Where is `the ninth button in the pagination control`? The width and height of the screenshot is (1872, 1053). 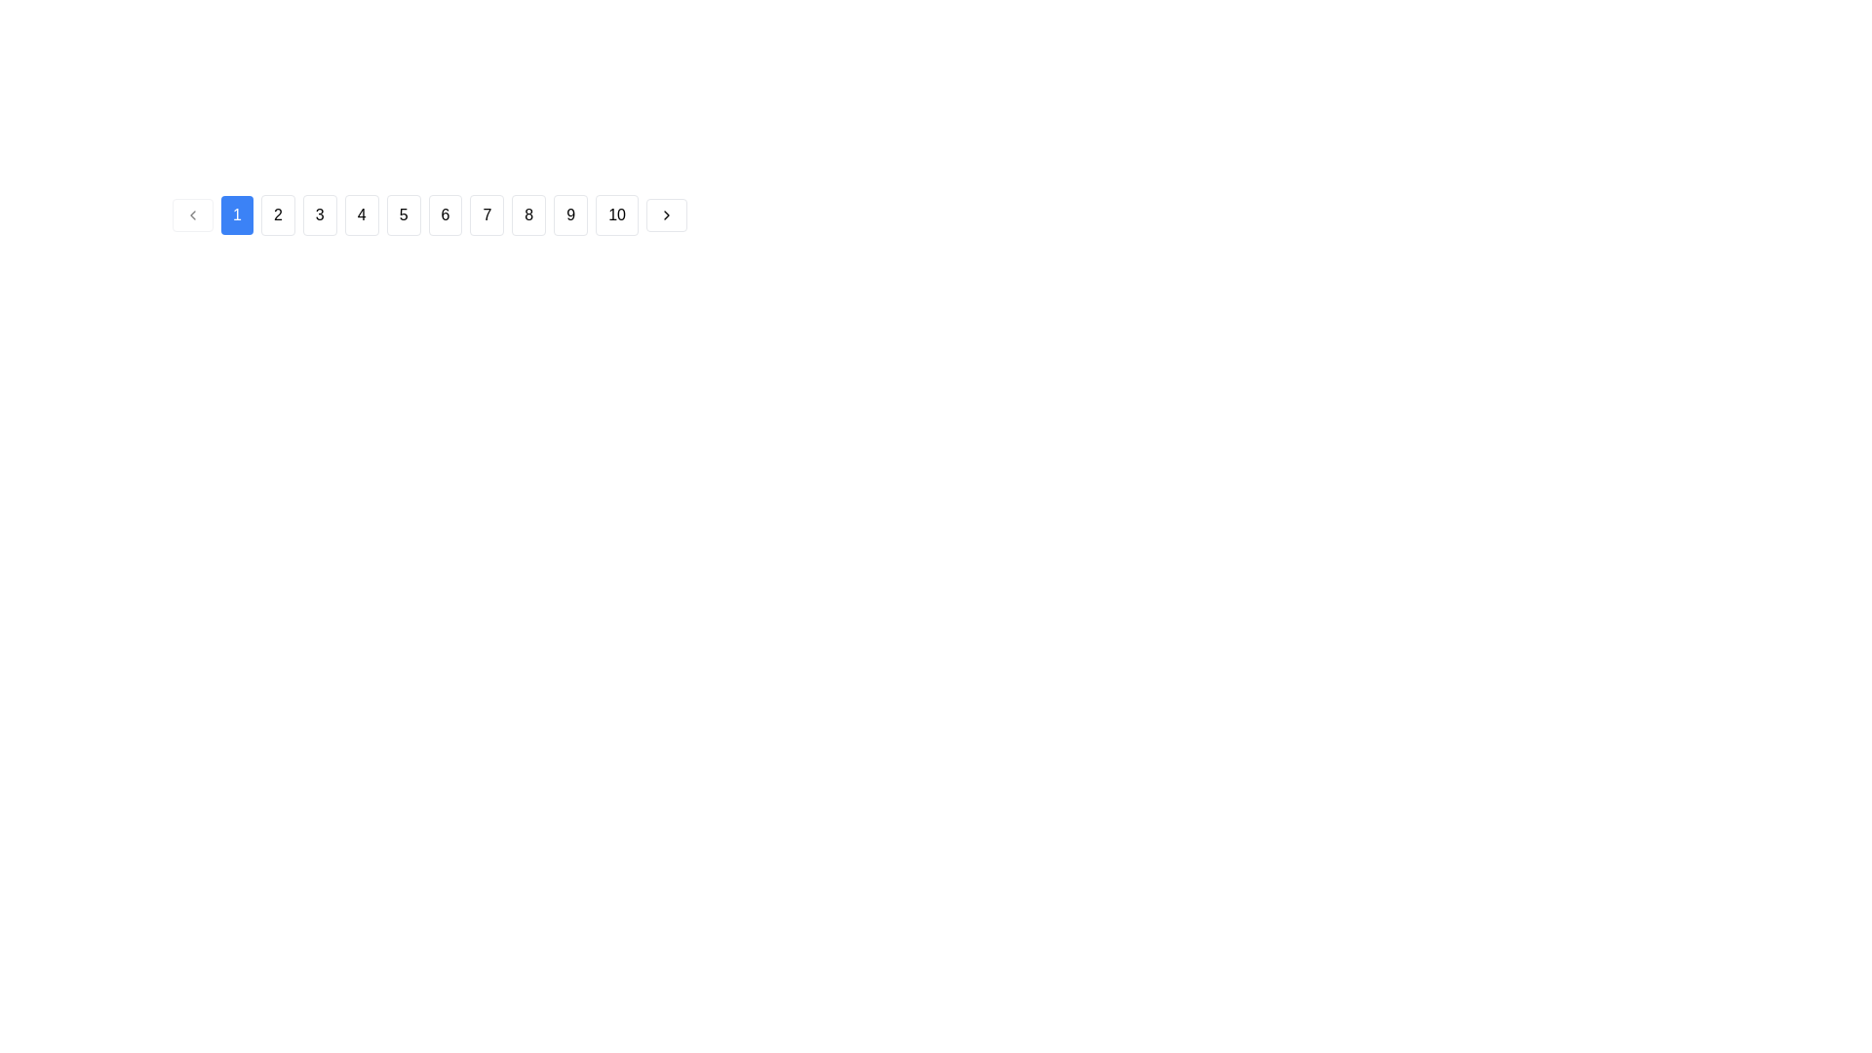 the ninth button in the pagination control is located at coordinates (569, 214).